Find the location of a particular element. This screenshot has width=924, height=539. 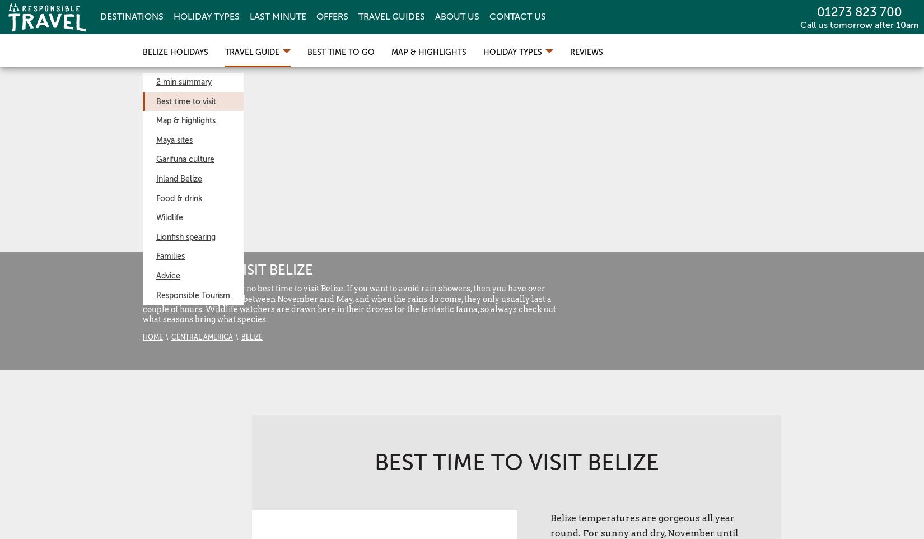

'Hot all year round, there is no best time to visit Belize. If you want to avoid rain showers, then you have over about seven months clear between November and May, and when the rains do come, they only usually last a couple of hours. Wildlife watchers are drawn here in their droves for the fantastic fauna, so always check out what seasons bring what species.' is located at coordinates (142, 303).